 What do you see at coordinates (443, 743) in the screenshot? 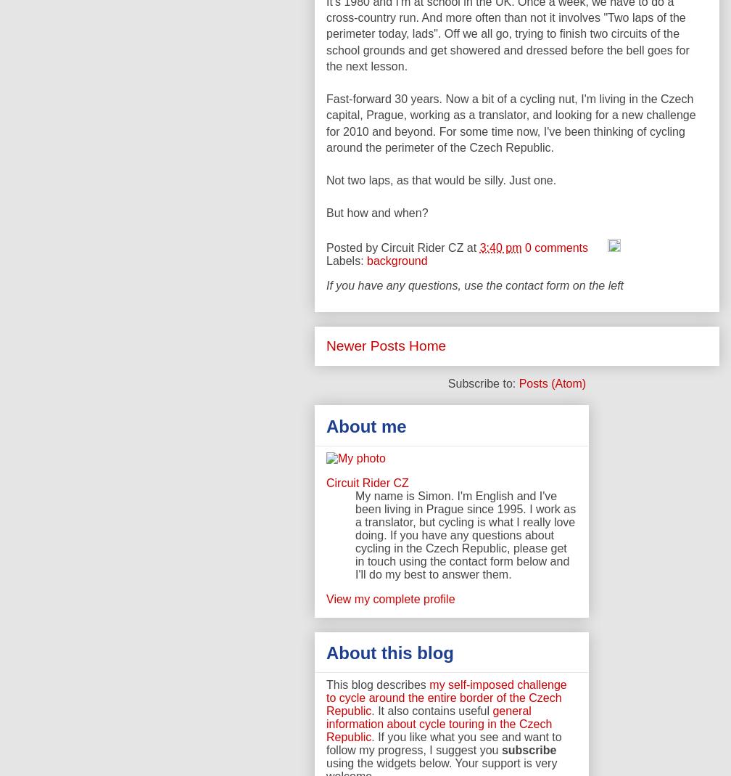
I see `'. If you like what you see and want to follow my progress, I suggest you'` at bounding box center [443, 743].